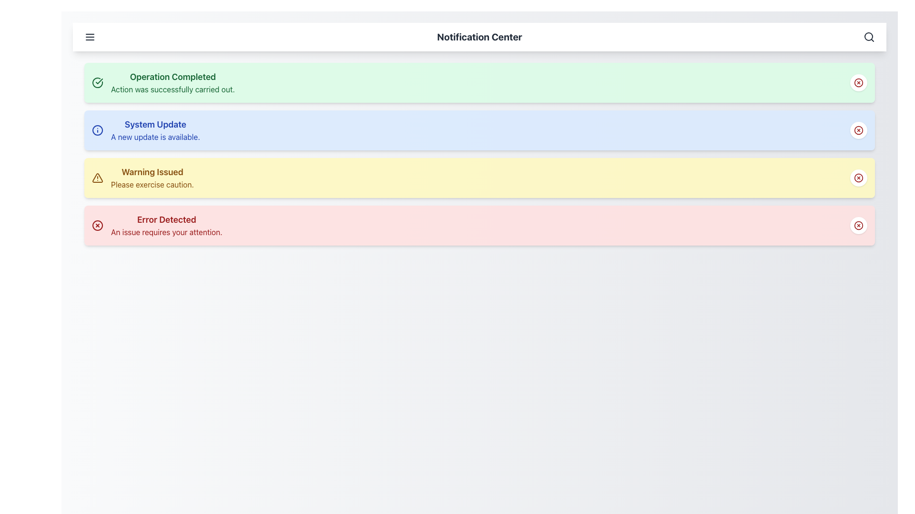 This screenshot has height=514, width=915. What do you see at coordinates (858, 130) in the screenshot?
I see `the small circular red button with a white cross at the far-right end of the 'System Update' notification` at bounding box center [858, 130].